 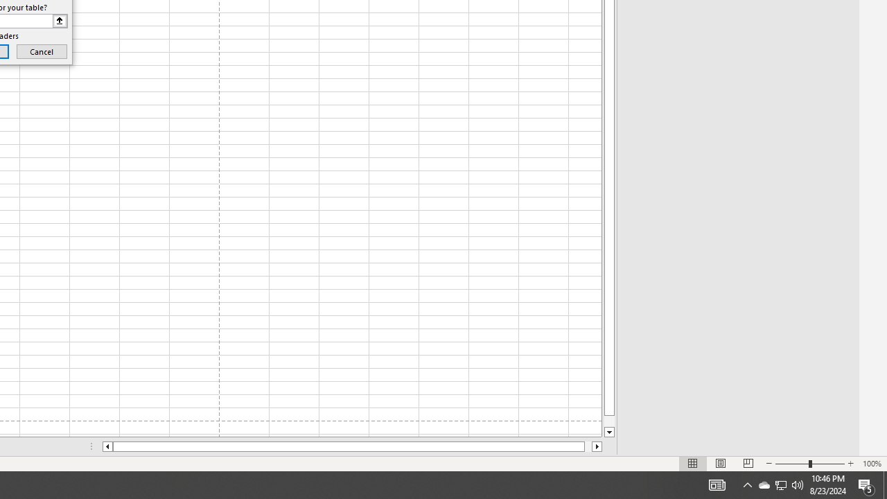 I want to click on 'Line down', so click(x=609, y=432).